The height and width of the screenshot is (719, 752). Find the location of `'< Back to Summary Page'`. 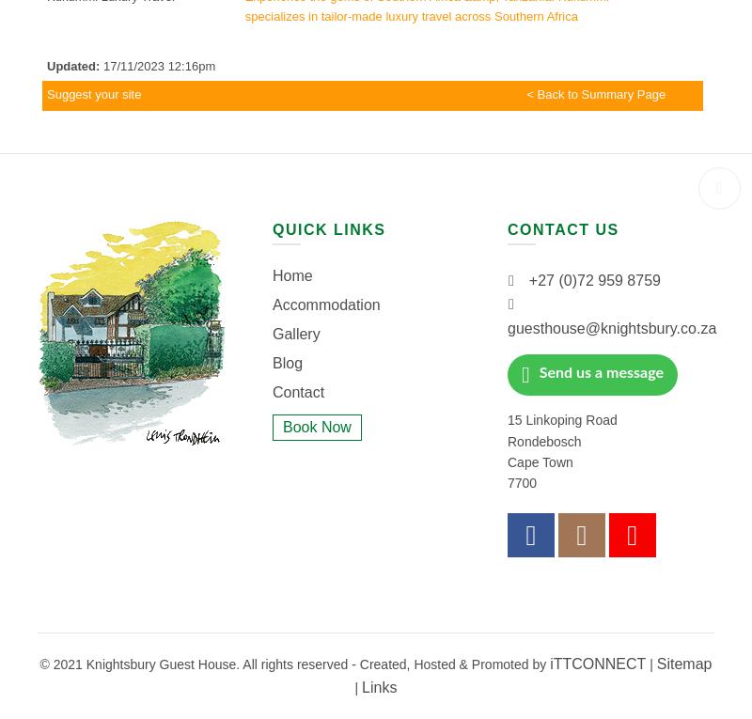

'< Back to Summary Page' is located at coordinates (595, 93).